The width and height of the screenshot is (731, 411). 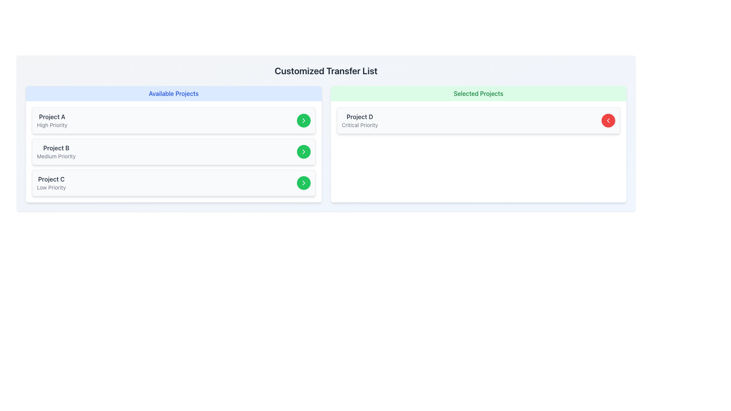 I want to click on the 'High Priority' text label located in the first card under the 'Available Projects' column, below 'Project A', so click(x=52, y=124).